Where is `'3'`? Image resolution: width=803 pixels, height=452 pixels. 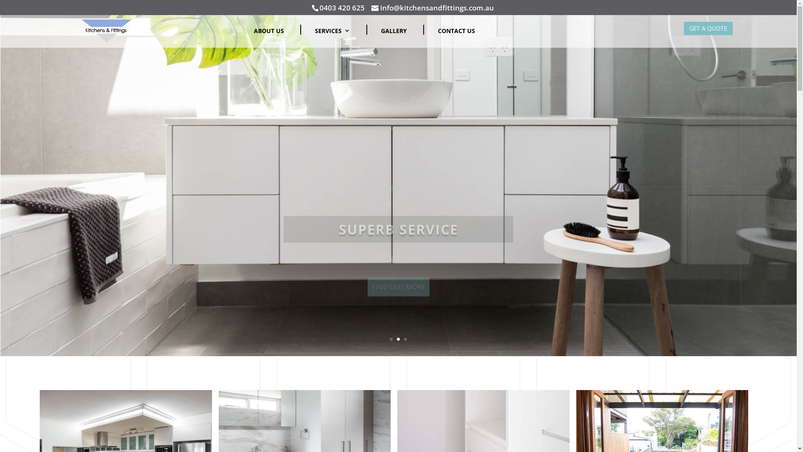 '3' is located at coordinates (404, 339).